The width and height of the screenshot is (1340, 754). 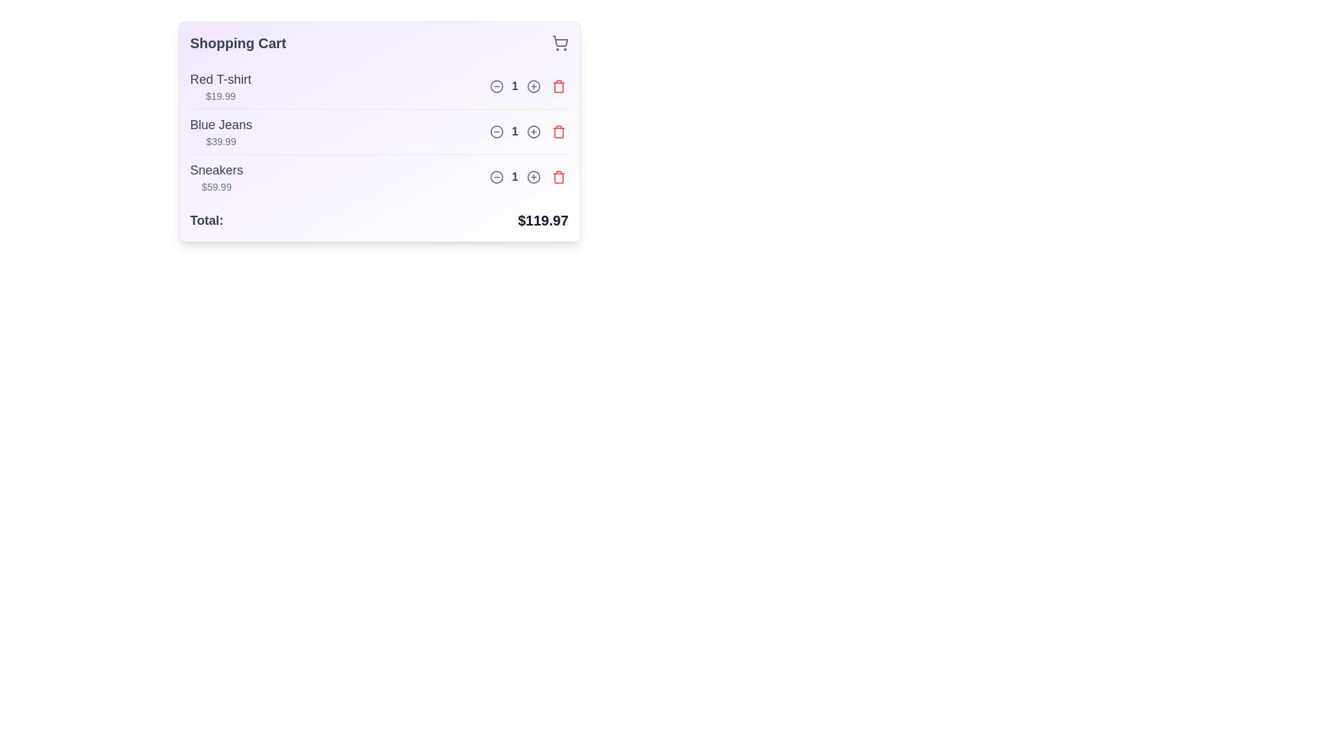 I want to click on the increment button for the 'Red T-shirt' in the shopping cart to increase the quantity, so click(x=533, y=86).